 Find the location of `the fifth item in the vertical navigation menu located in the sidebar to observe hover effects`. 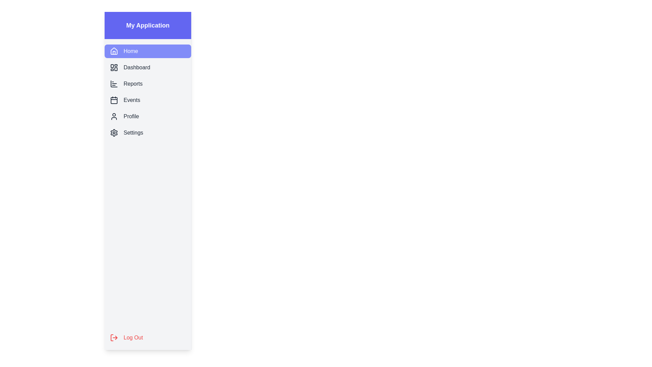

the fifth item in the vertical navigation menu located in the sidebar to observe hover effects is located at coordinates (147, 116).